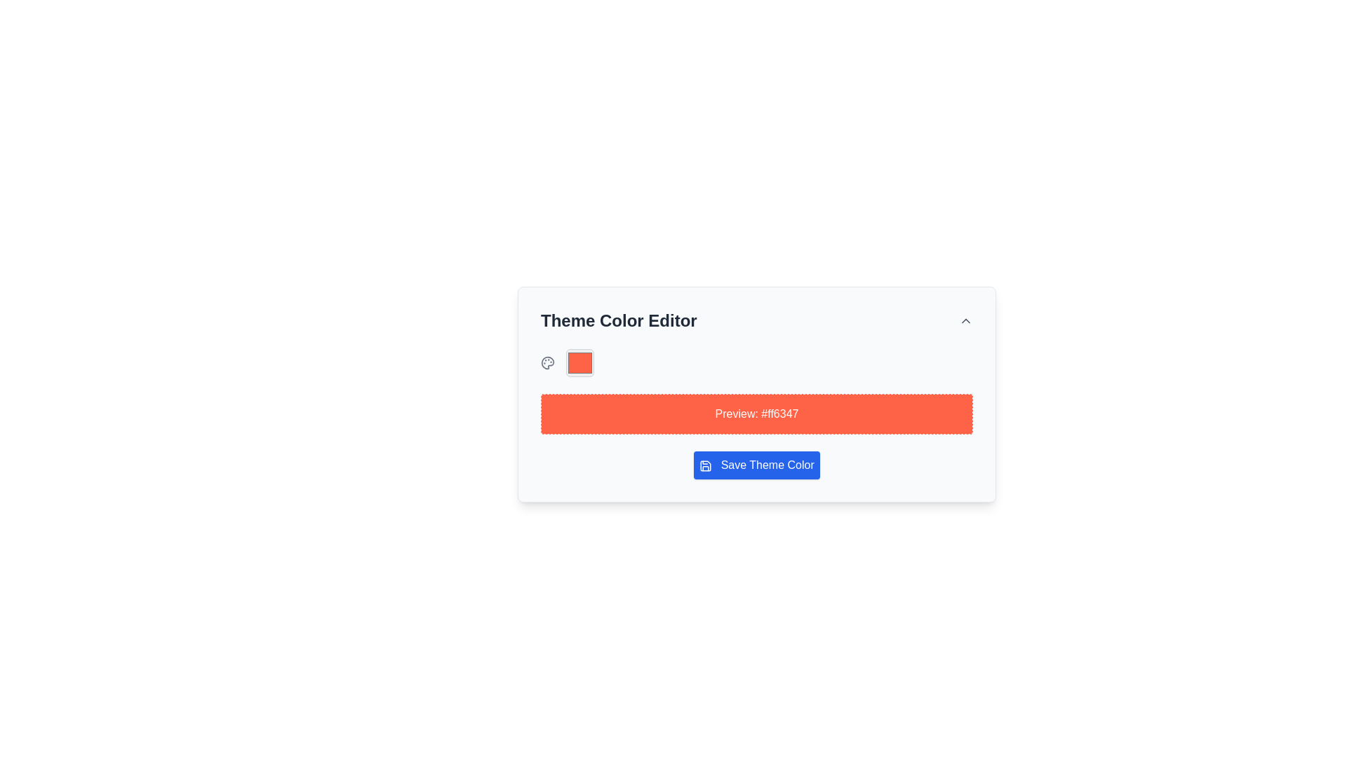 This screenshot has height=757, width=1347. I want to click on the chevron icon button located at the rightmost side of the header row, next to the 'Theme Color Editor' title, so click(965, 321).